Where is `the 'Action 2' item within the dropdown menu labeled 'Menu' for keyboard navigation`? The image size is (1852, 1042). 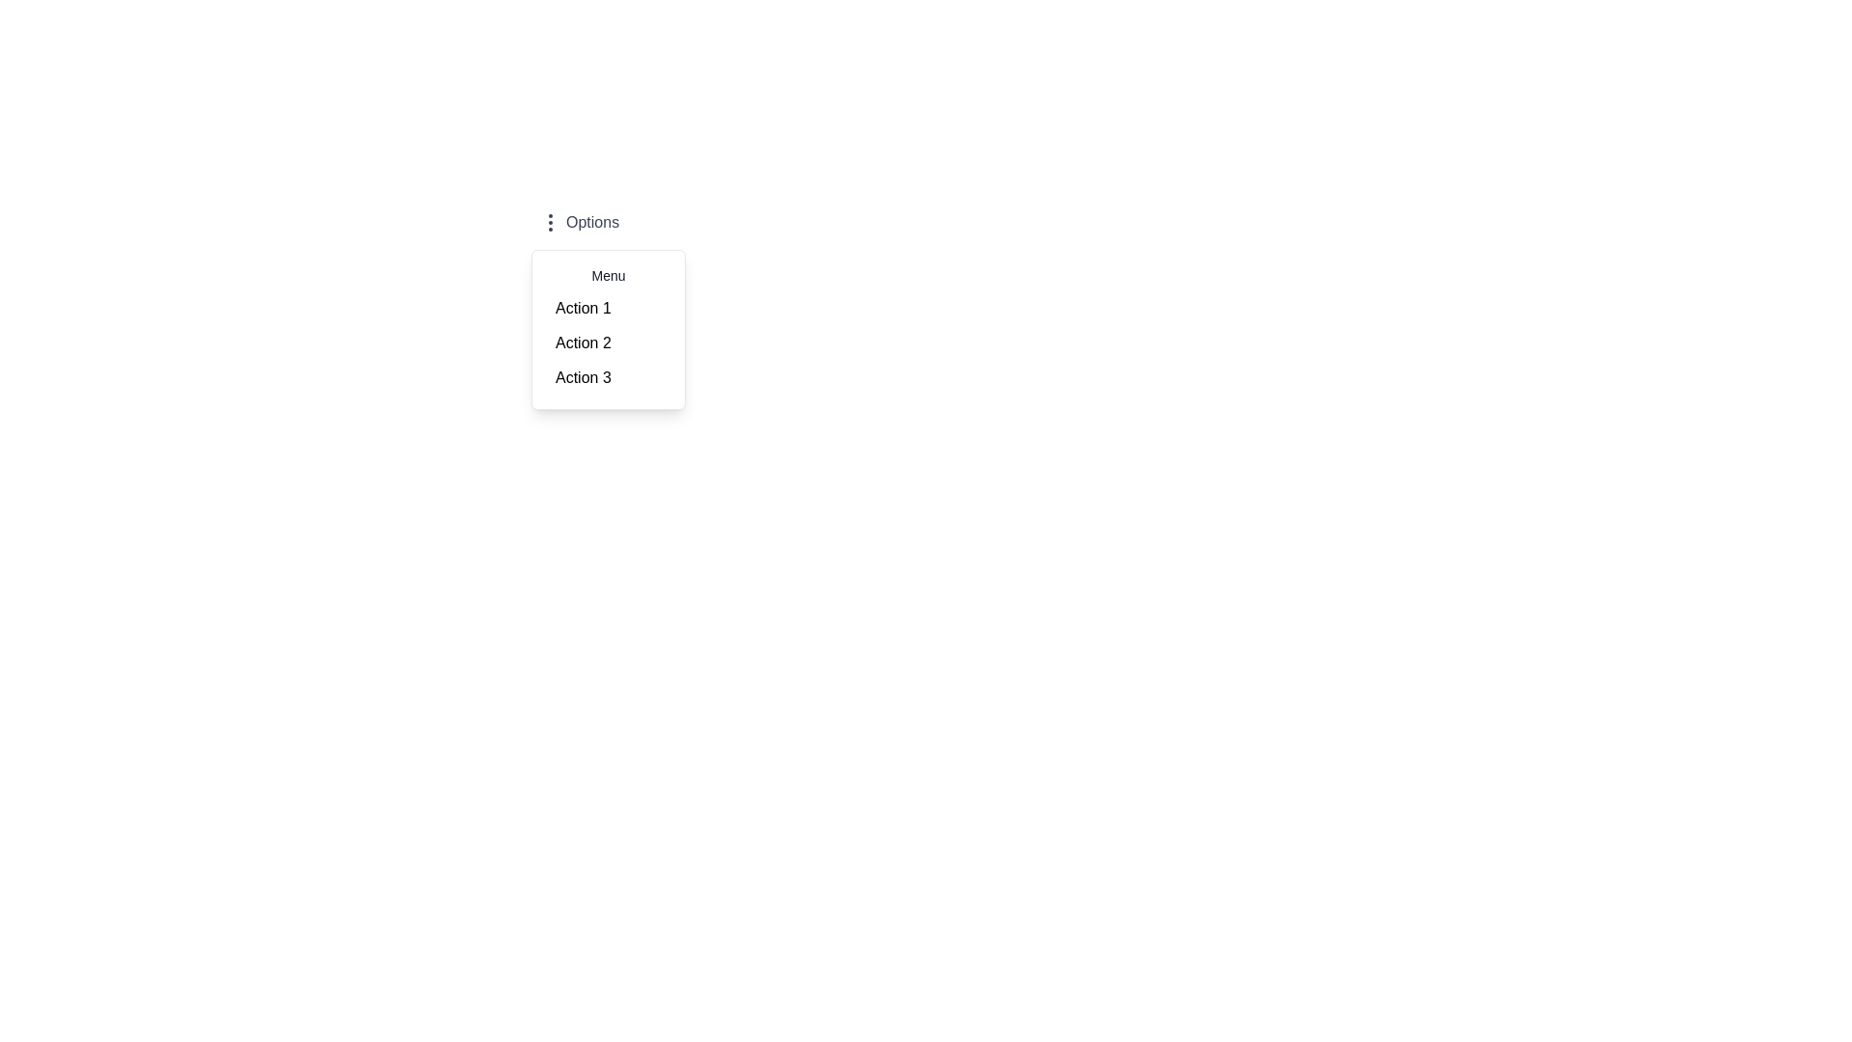 the 'Action 2' item within the dropdown menu labeled 'Menu' for keyboard navigation is located at coordinates (607, 329).